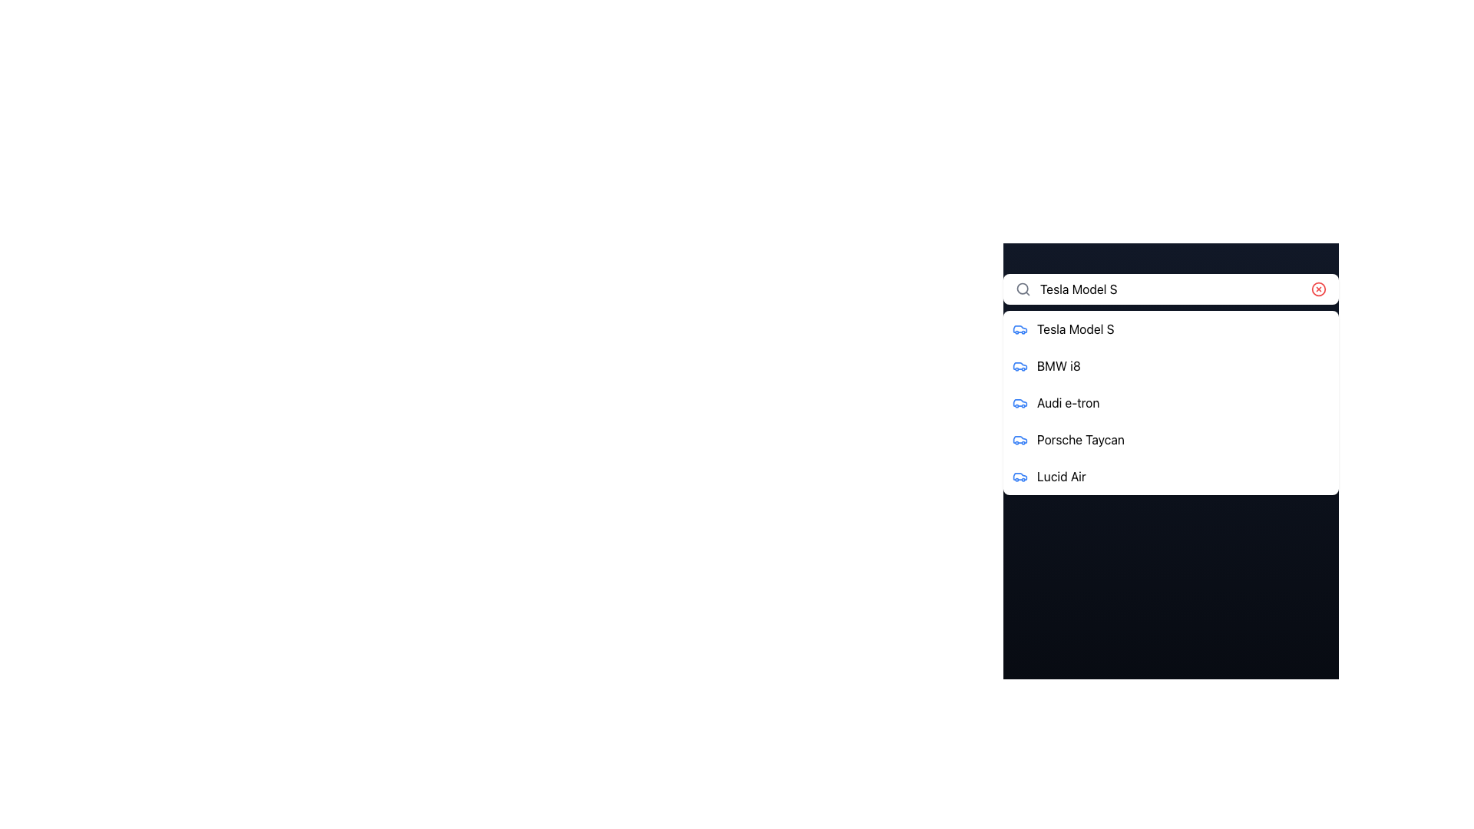 The width and height of the screenshot is (1474, 829). Describe the element at coordinates (1318, 289) in the screenshot. I see `the clear button located at the rightmost side of the input field` at that location.